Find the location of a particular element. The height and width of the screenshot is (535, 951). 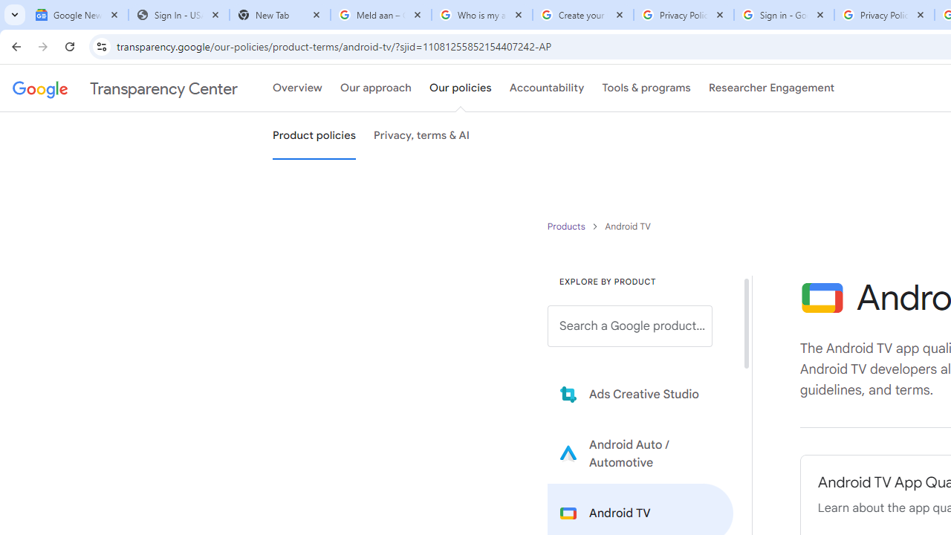

'Our approach' is located at coordinates (376, 88).